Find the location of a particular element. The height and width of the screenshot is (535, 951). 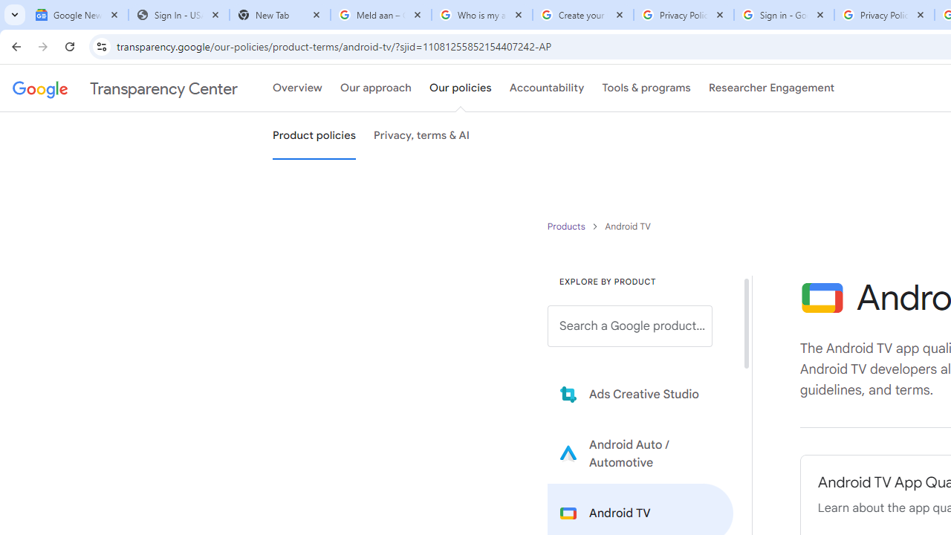

'Our approach' is located at coordinates (376, 88).